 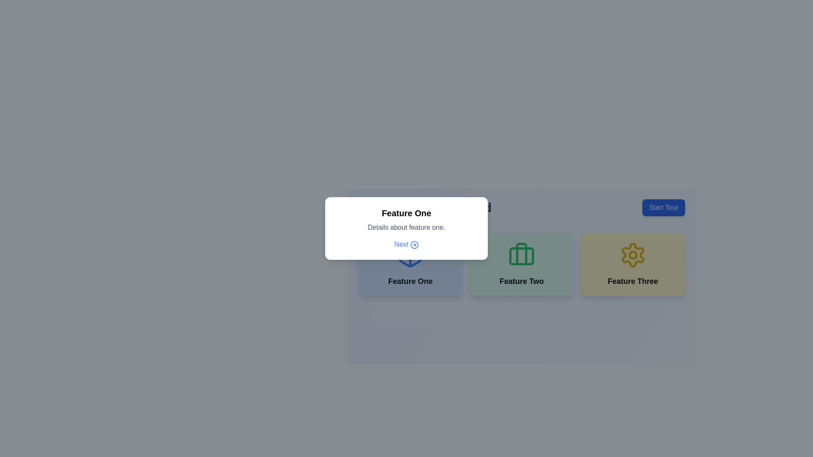 What do you see at coordinates (663, 207) in the screenshot?
I see `the blue 'Start Tour' button with white text` at bounding box center [663, 207].